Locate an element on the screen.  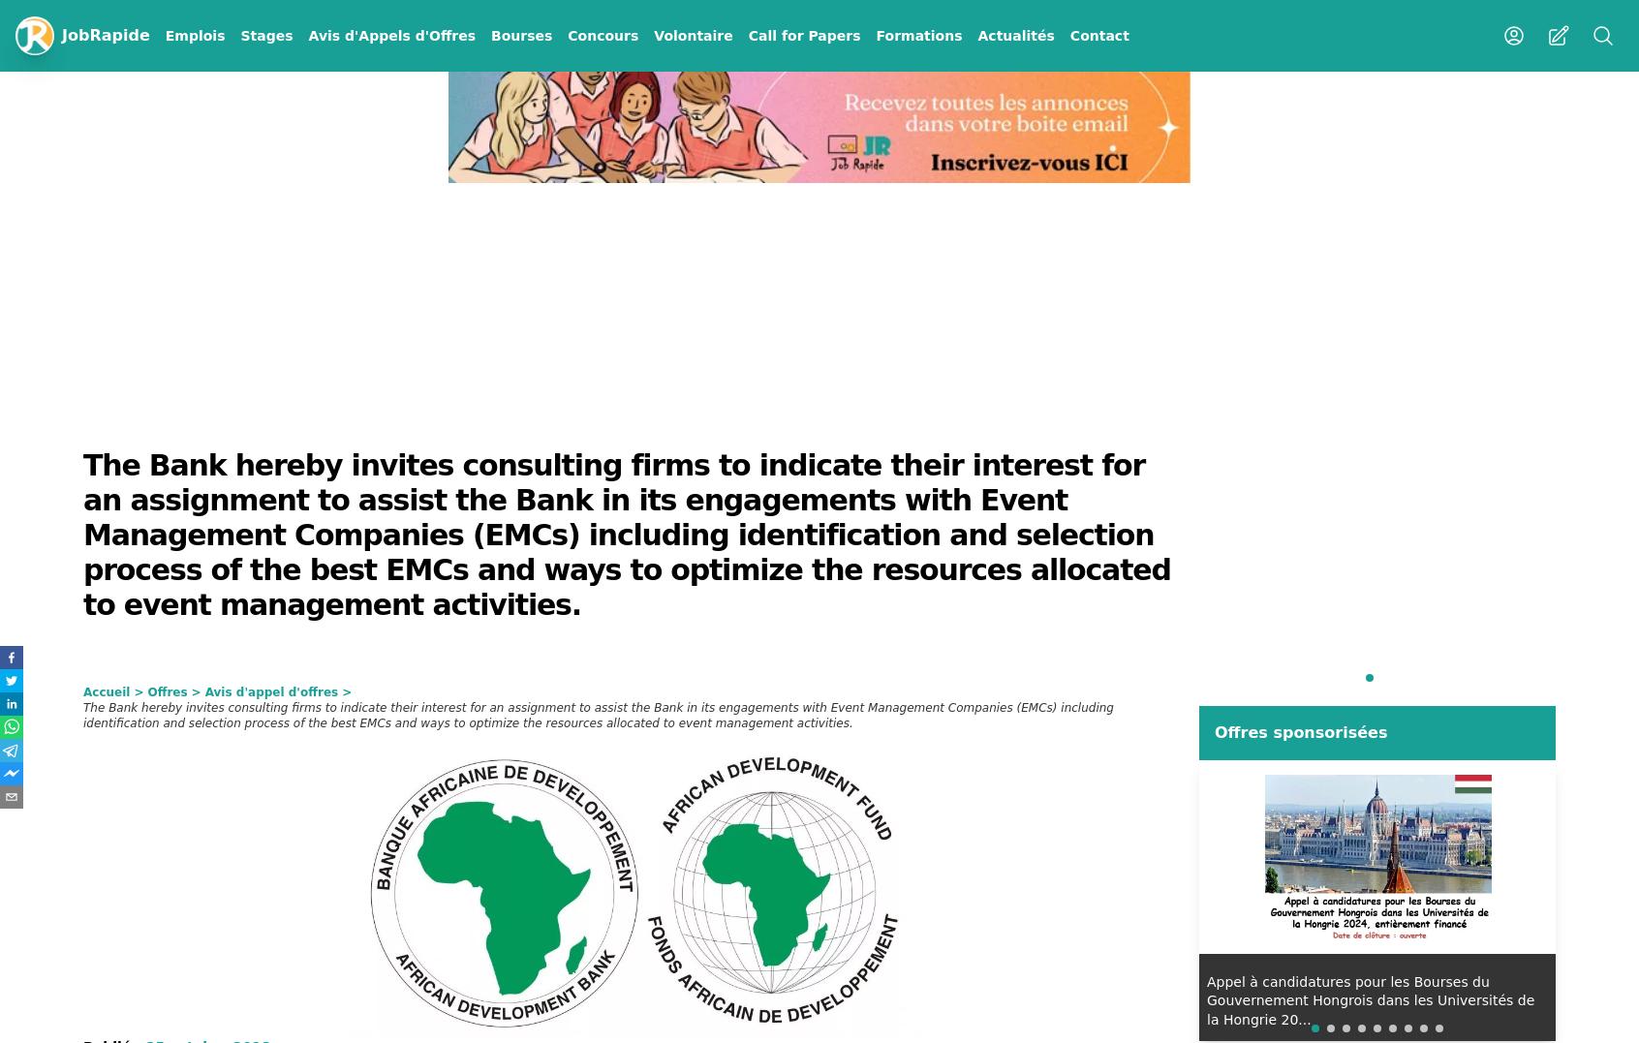
'Call for Papers' is located at coordinates (803, 35).